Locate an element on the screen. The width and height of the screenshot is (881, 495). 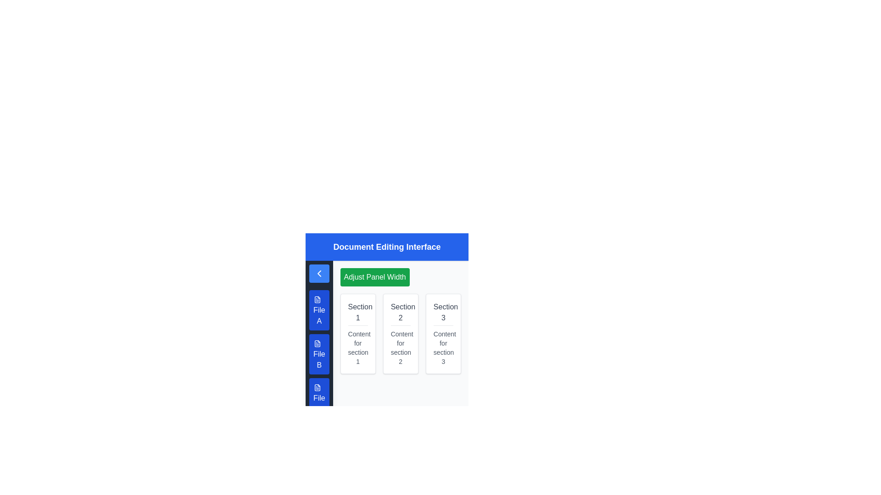
the chevron icon located in the upper section of the vertical menu on the left side of the interface is located at coordinates (319, 273).